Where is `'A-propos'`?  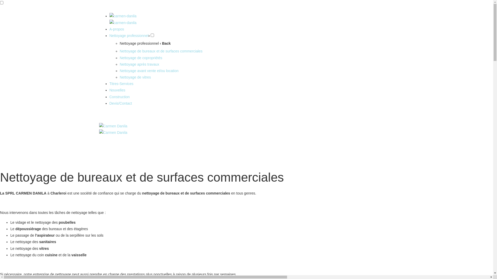
'A-propos' is located at coordinates (116, 29).